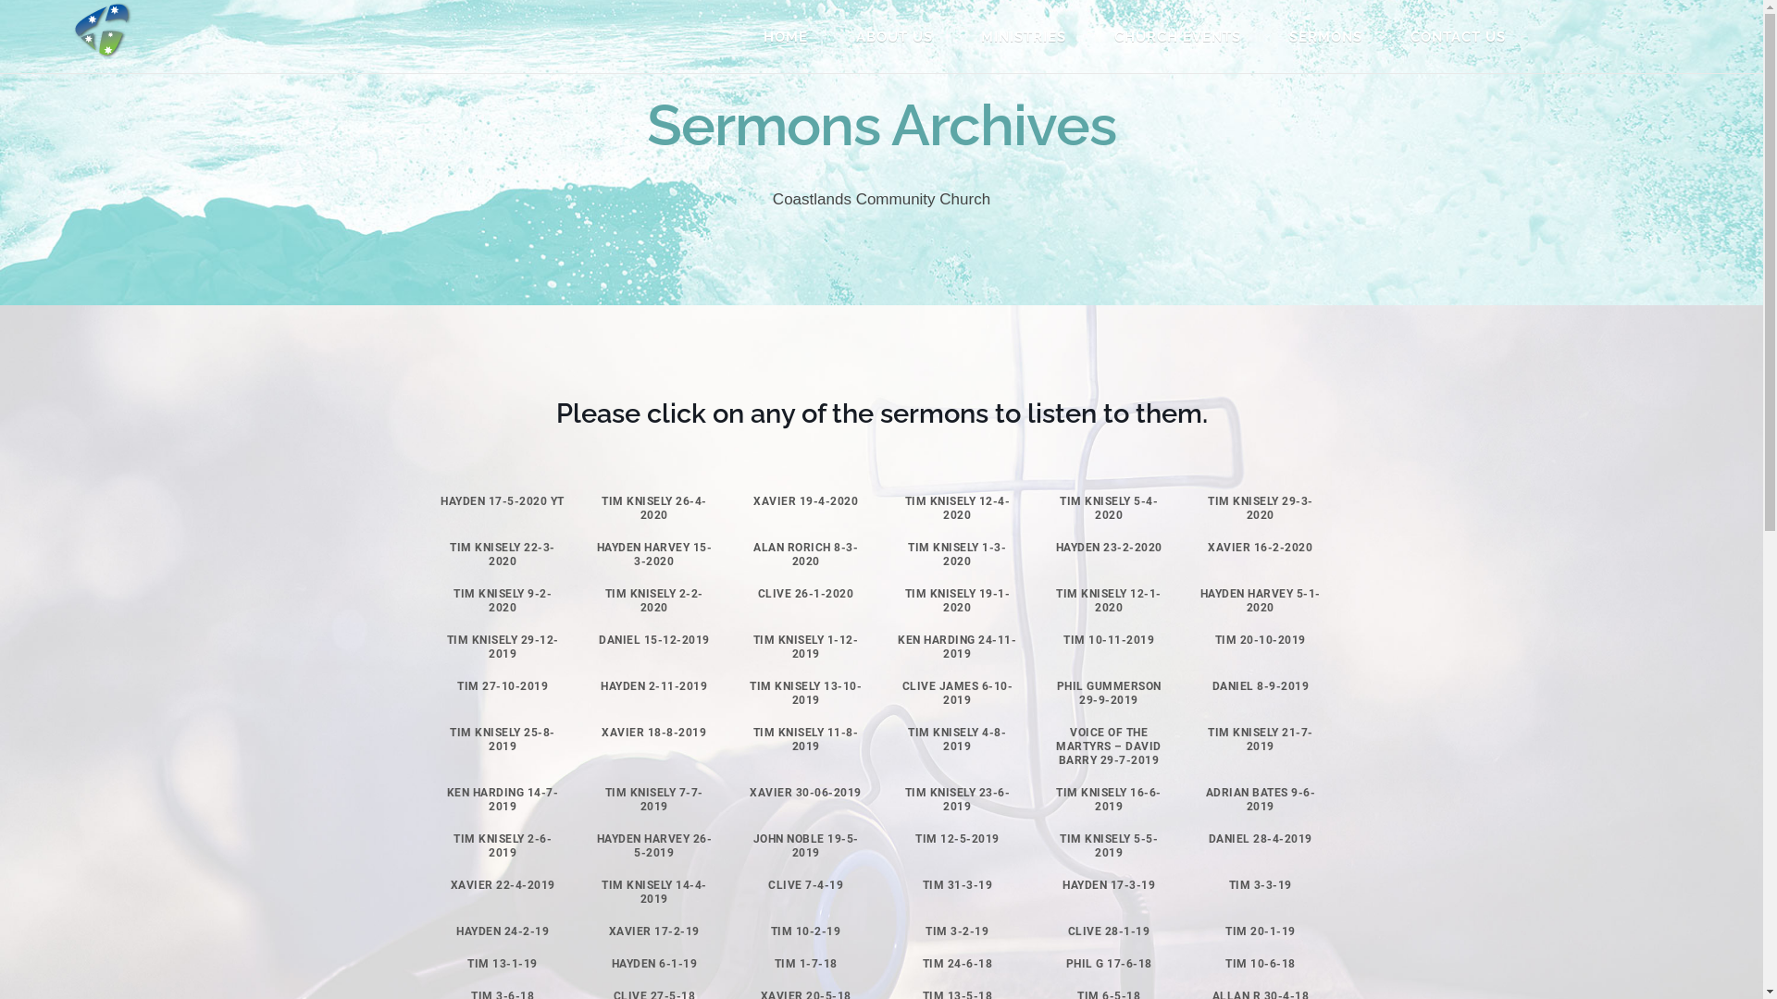 Image resolution: width=1777 pixels, height=999 pixels. What do you see at coordinates (653, 931) in the screenshot?
I see `'XAVIER 17-2-19'` at bounding box center [653, 931].